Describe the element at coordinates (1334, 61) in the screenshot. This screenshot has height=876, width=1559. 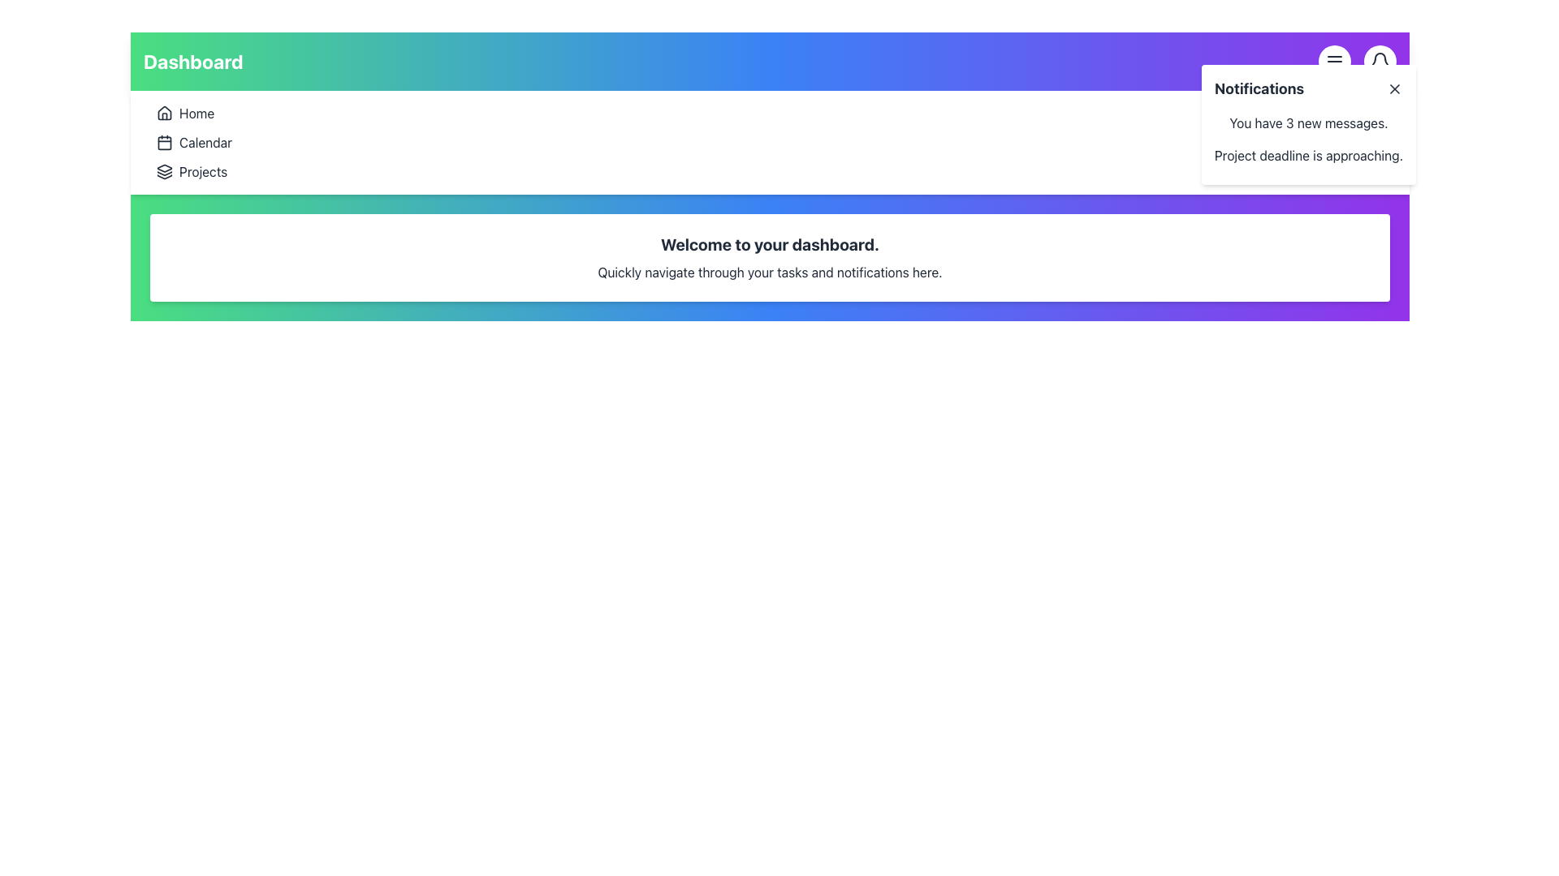
I see `the menu toggle icon located near the top-right corner of the interface, which is inside a circular white button, to trigger hover effects` at that location.